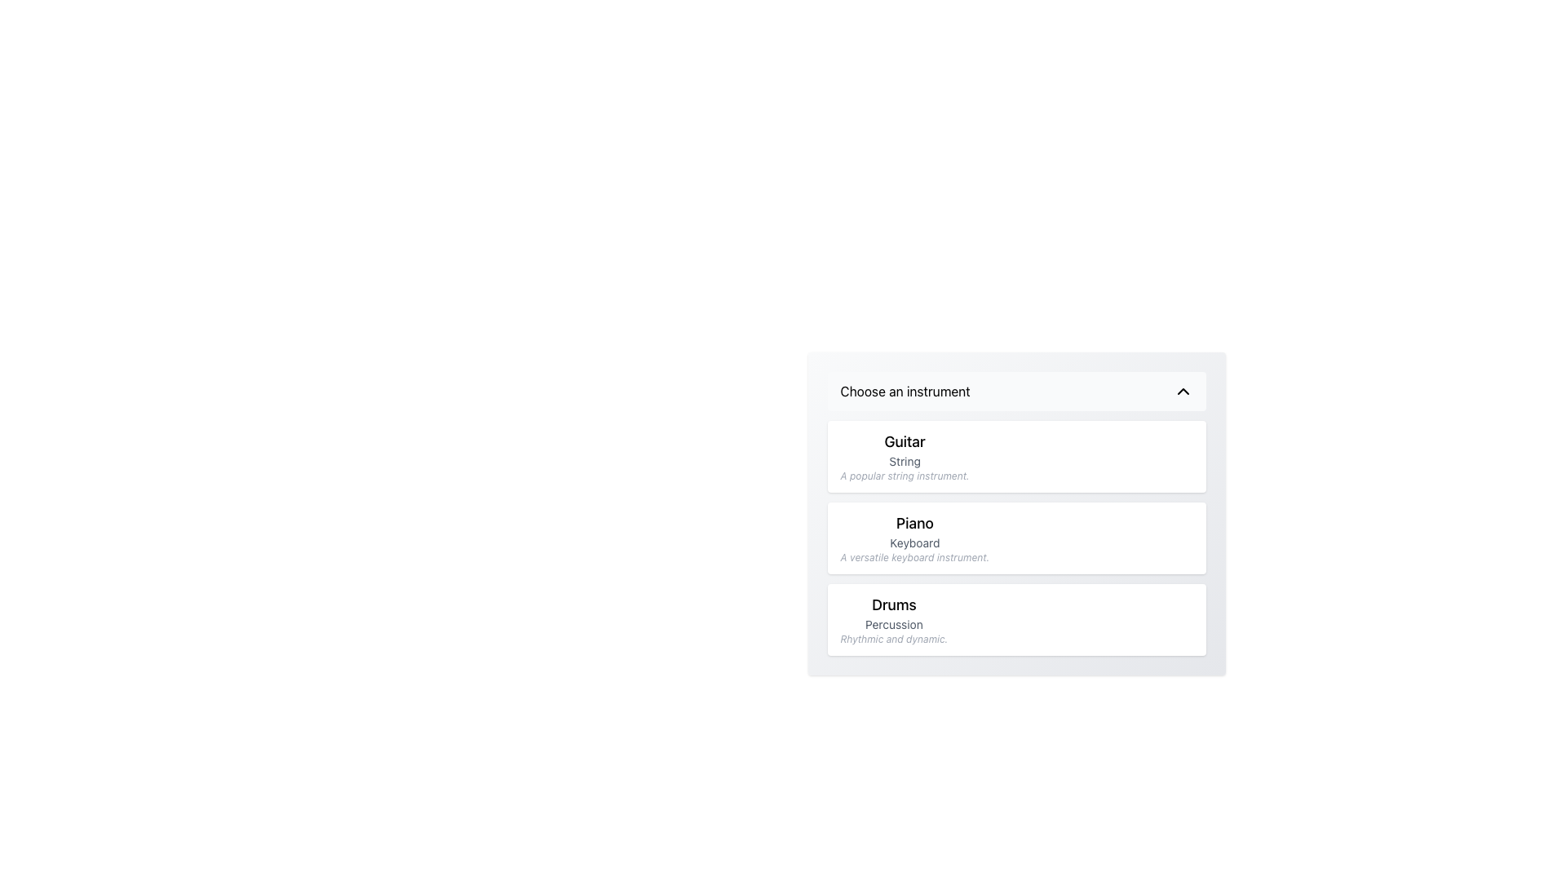 This screenshot has height=881, width=1566. Describe the element at coordinates (904, 462) in the screenshot. I see `the text label that reads 'String,' which is styled in a smaller, gray font and positioned below the bold text 'Guitar.'` at that location.